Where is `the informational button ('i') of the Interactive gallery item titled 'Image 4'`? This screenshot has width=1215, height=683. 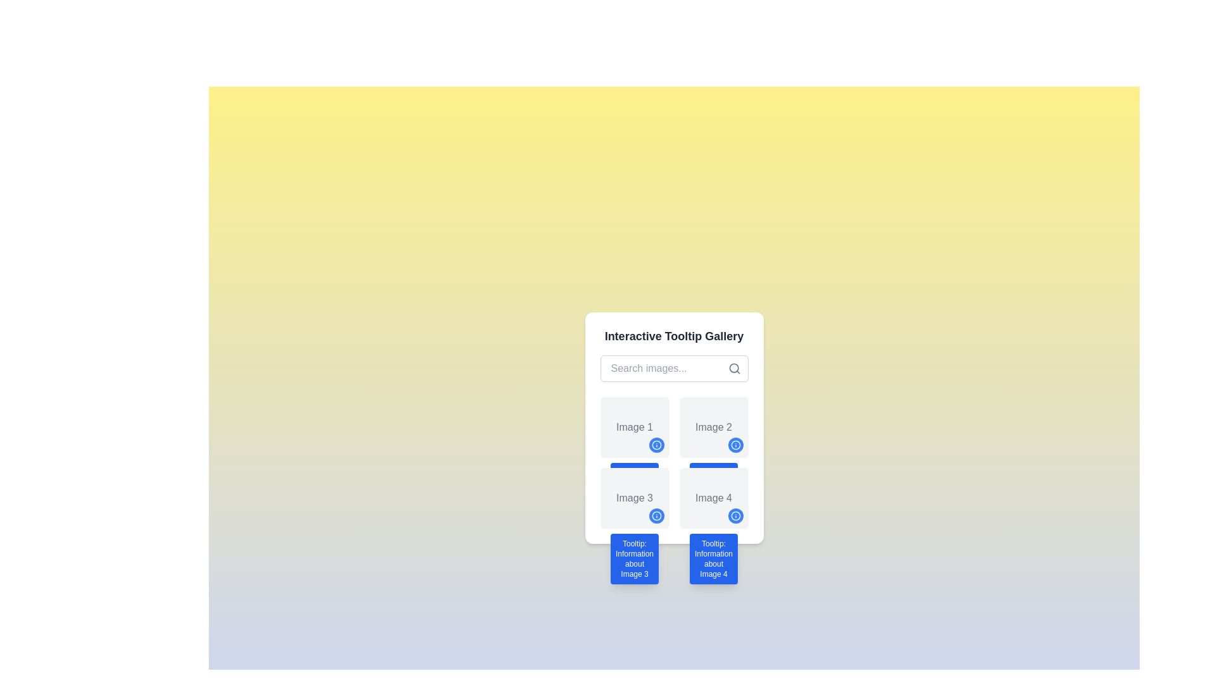 the informational button ('i') of the Interactive gallery item titled 'Image 4' is located at coordinates (714, 497).